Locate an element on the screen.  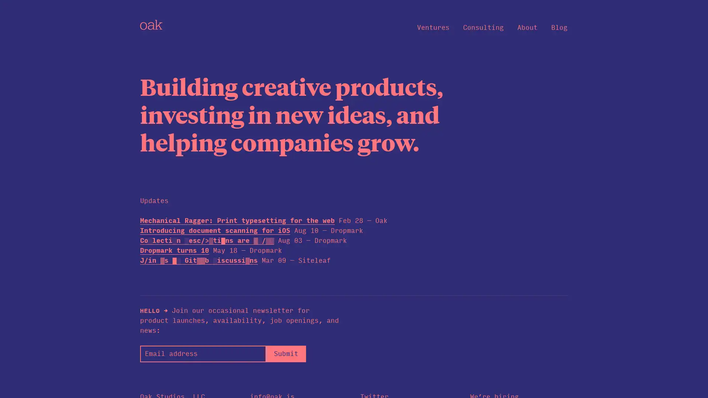
Submit is located at coordinates (285, 353).